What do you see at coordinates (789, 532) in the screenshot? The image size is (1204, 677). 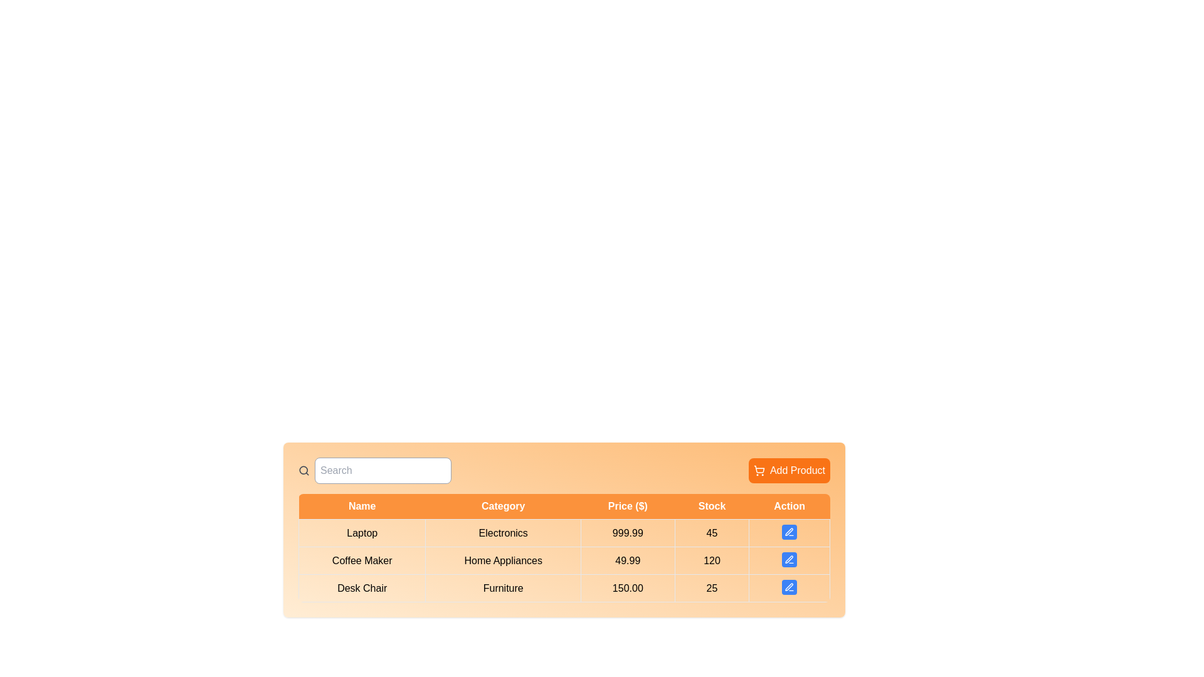 I see `the edit icon within the blue rounded rectangular button in the Action column of the first row associated with the Laptop item` at bounding box center [789, 532].